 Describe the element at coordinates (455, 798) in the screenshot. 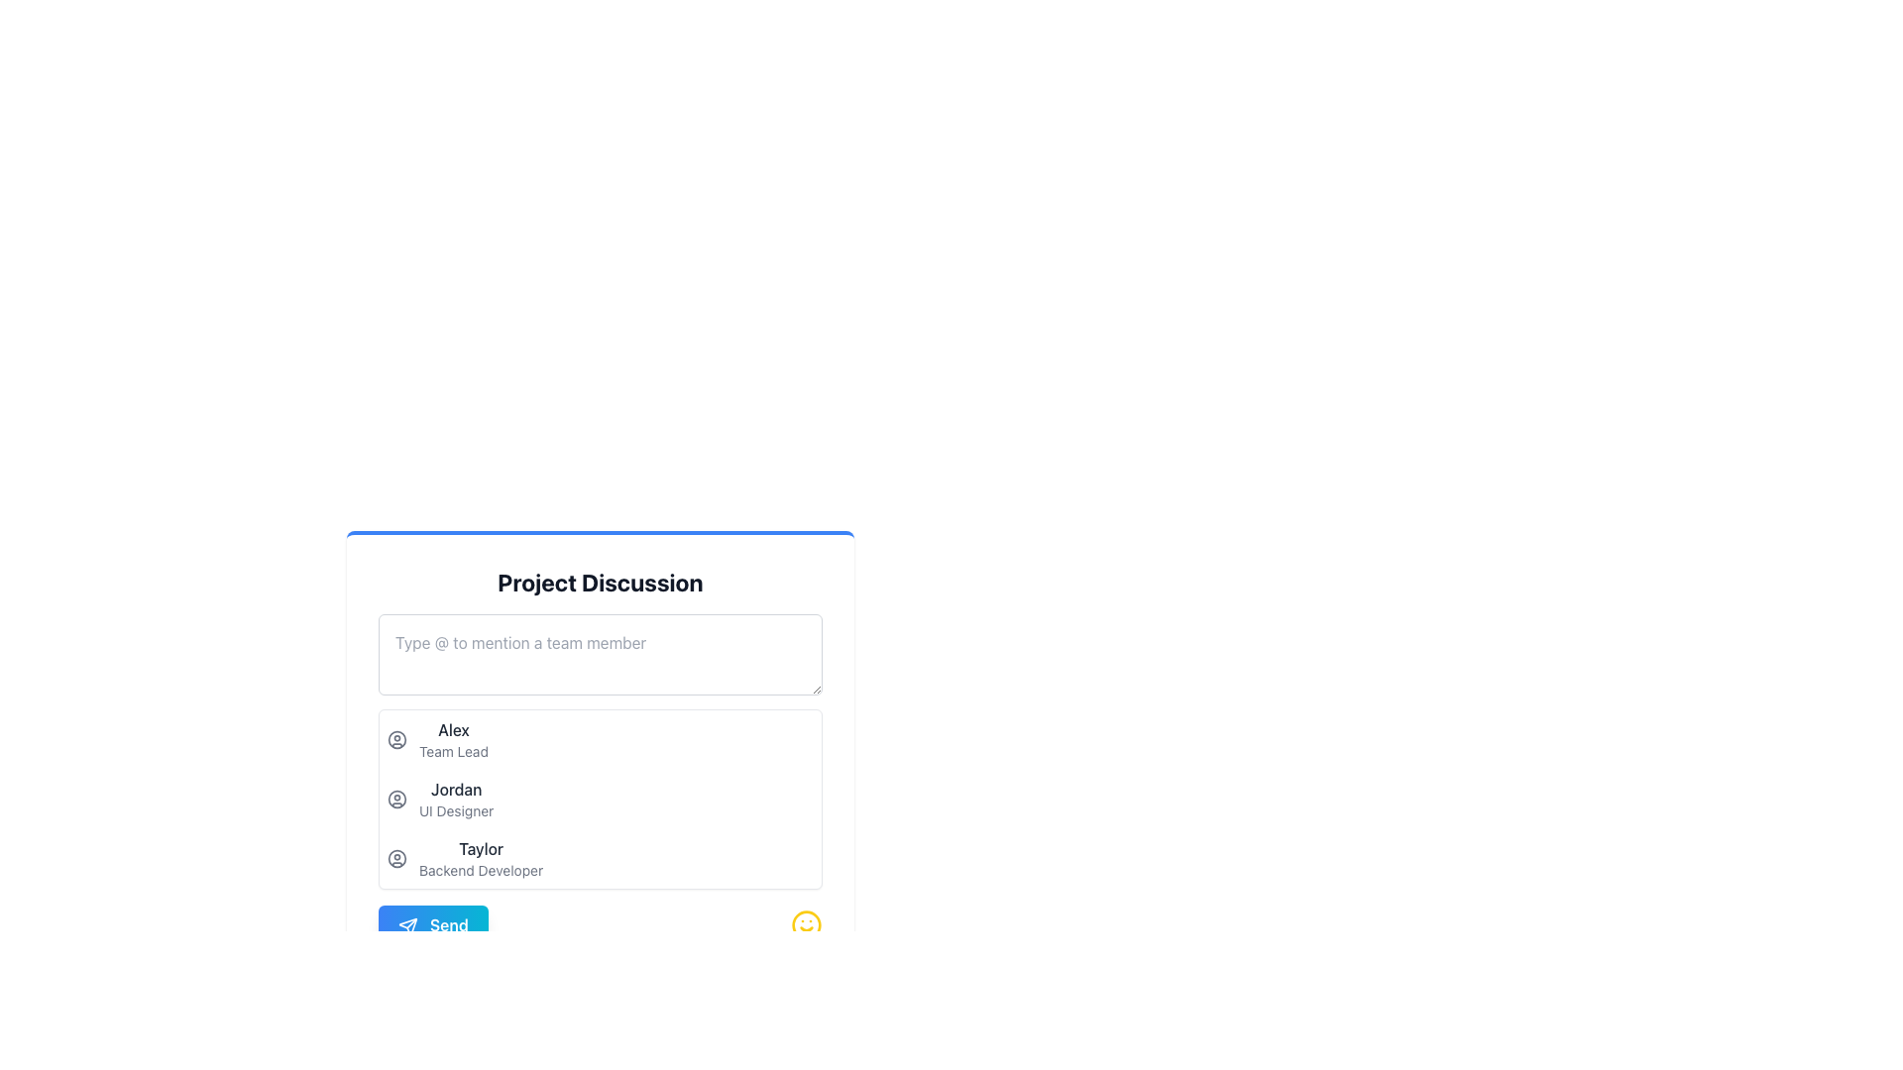

I see `the text label displaying the user name 'Jordan' with the role 'UI Designer' below it, which is located in the 'Project Discussion' section and is the second item in a vertical list of team members` at that location.